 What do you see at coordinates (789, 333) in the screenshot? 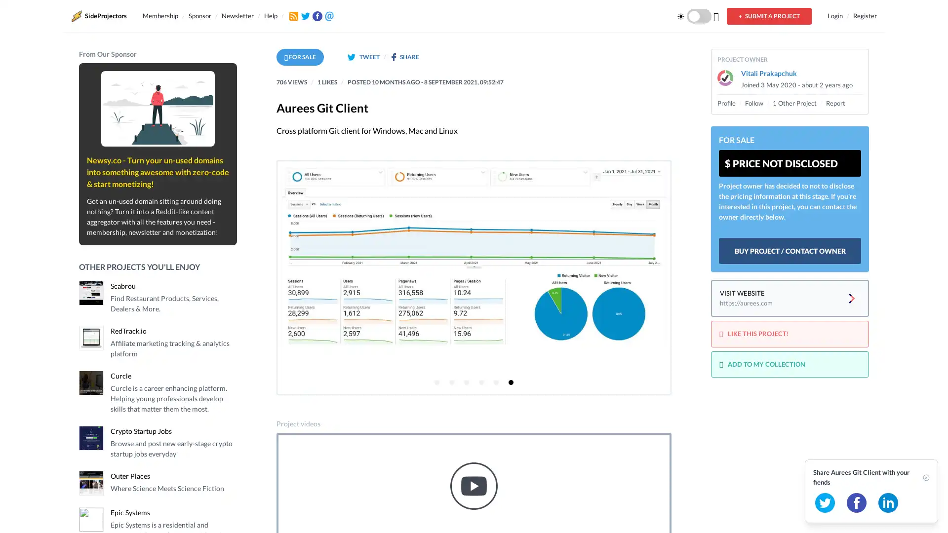
I see `LIKE THIS PROJECT!` at bounding box center [789, 333].